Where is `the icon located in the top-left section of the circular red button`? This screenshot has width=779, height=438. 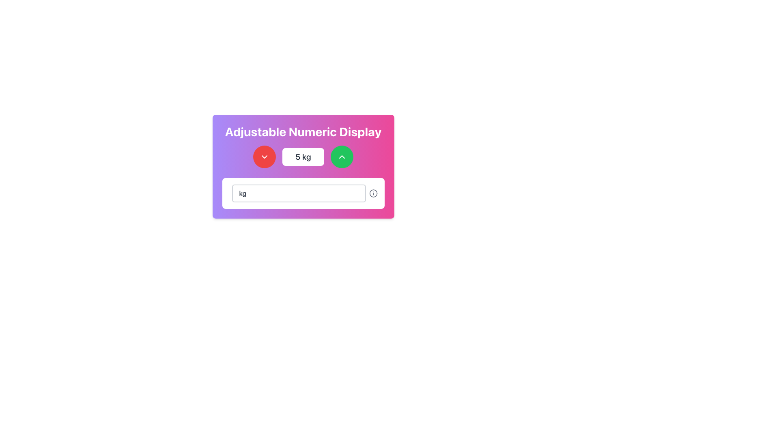 the icon located in the top-left section of the circular red button is located at coordinates (265, 157).